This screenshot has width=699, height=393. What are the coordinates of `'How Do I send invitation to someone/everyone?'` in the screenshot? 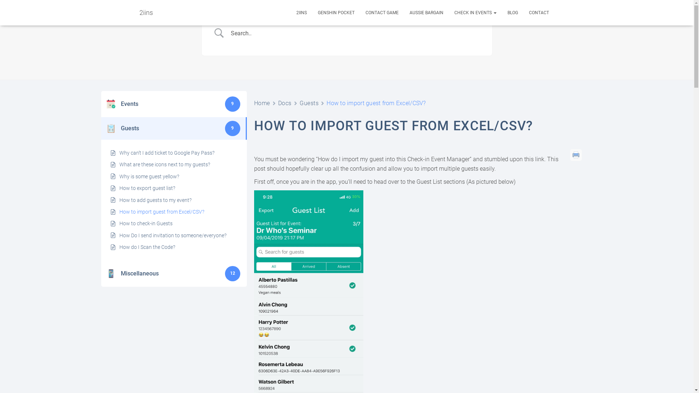 It's located at (119, 235).